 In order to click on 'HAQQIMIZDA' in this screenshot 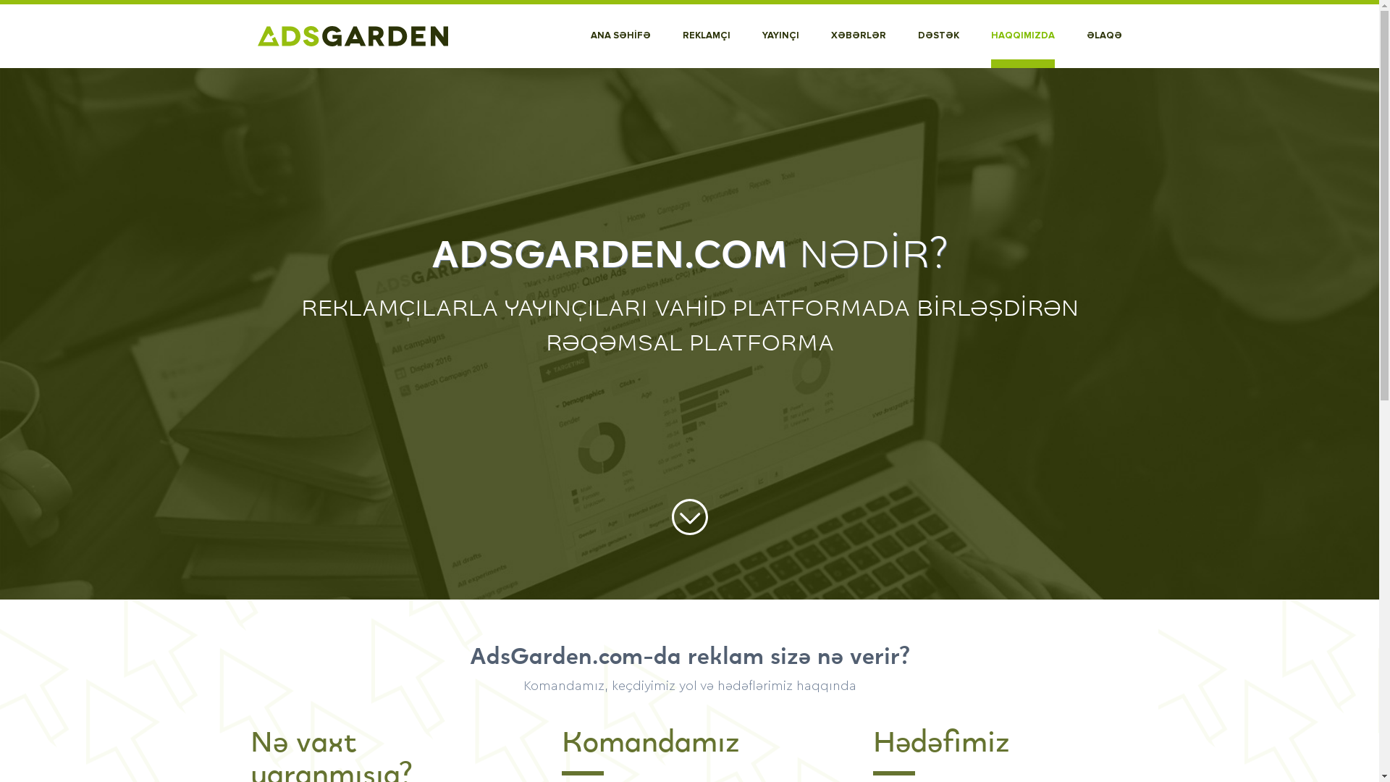, I will do `click(1021, 35)`.